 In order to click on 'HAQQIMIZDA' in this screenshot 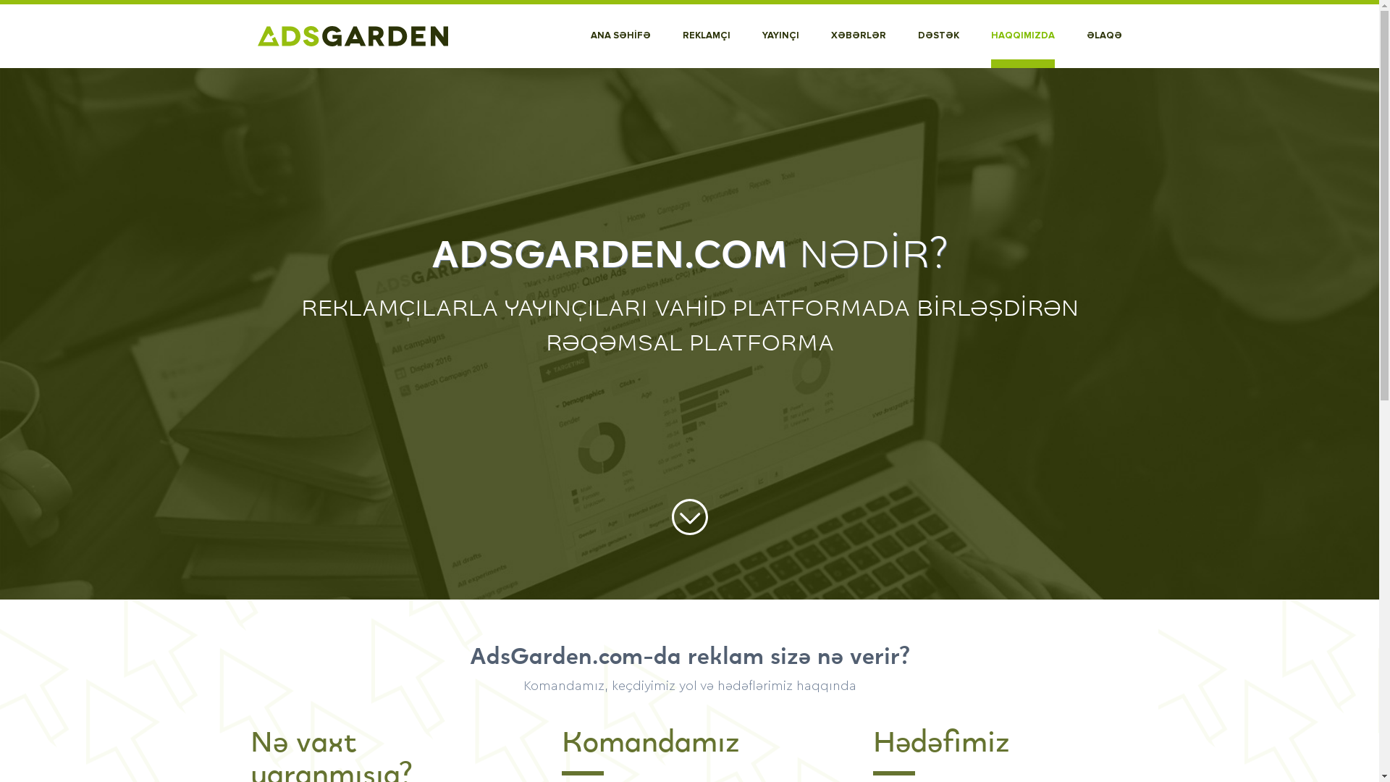, I will do `click(1021, 35)`.